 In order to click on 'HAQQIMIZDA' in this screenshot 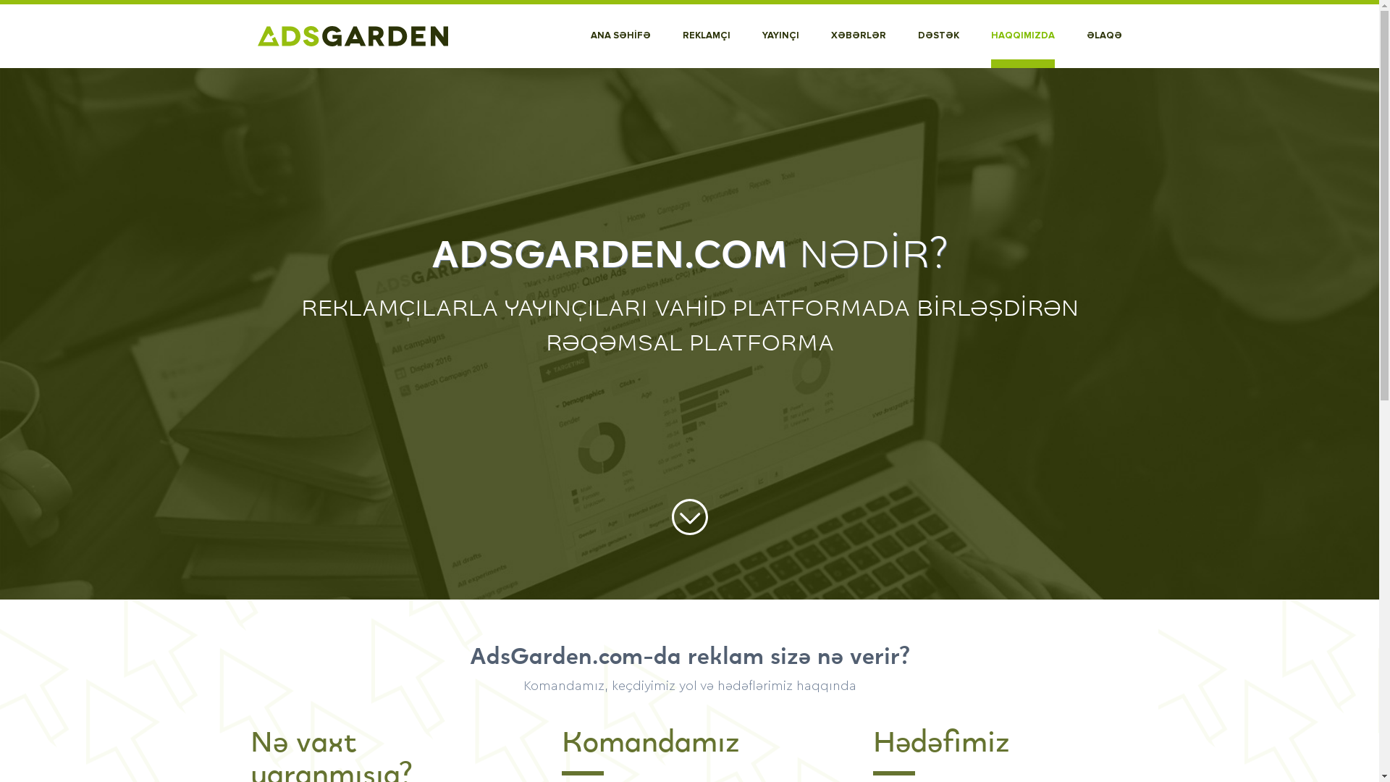, I will do `click(1021, 35)`.